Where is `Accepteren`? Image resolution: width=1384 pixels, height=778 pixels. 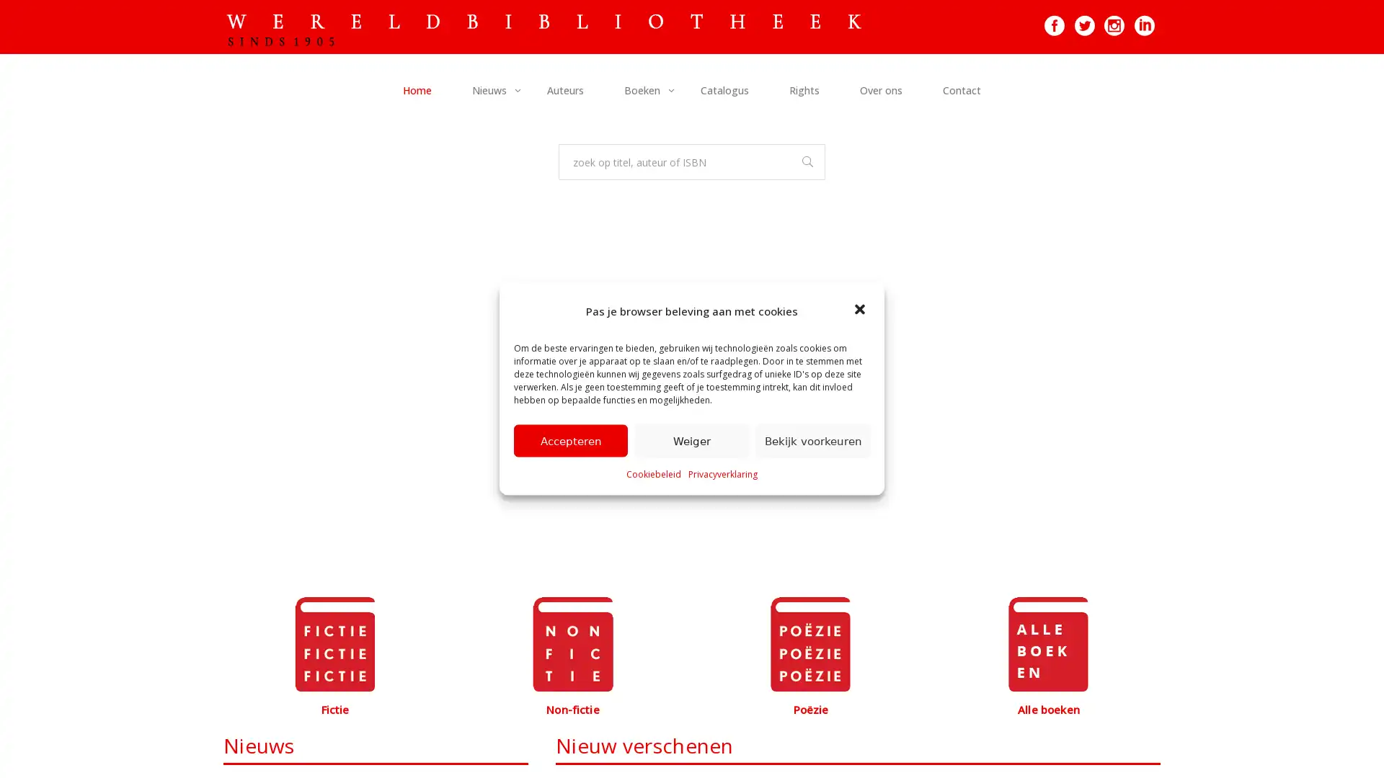 Accepteren is located at coordinates (570, 439).